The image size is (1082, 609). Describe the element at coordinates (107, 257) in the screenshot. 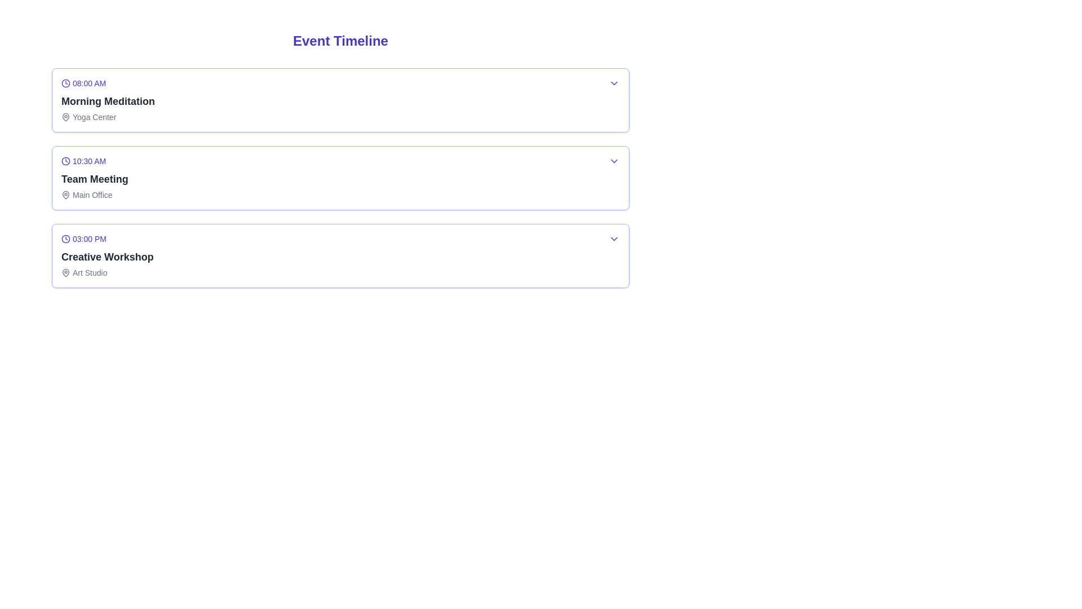

I see `text content of the 'Creative Workshop' label, which is displayed in bold and large font, located below '03:00 PM' and above 'Art Studio' in the event timeline` at that location.